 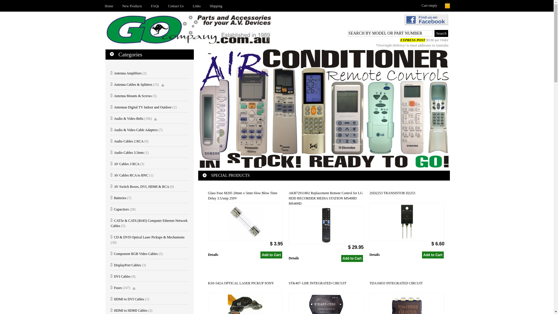 I want to click on 'Audio & Video Cable Adapters', so click(x=134, y=130).